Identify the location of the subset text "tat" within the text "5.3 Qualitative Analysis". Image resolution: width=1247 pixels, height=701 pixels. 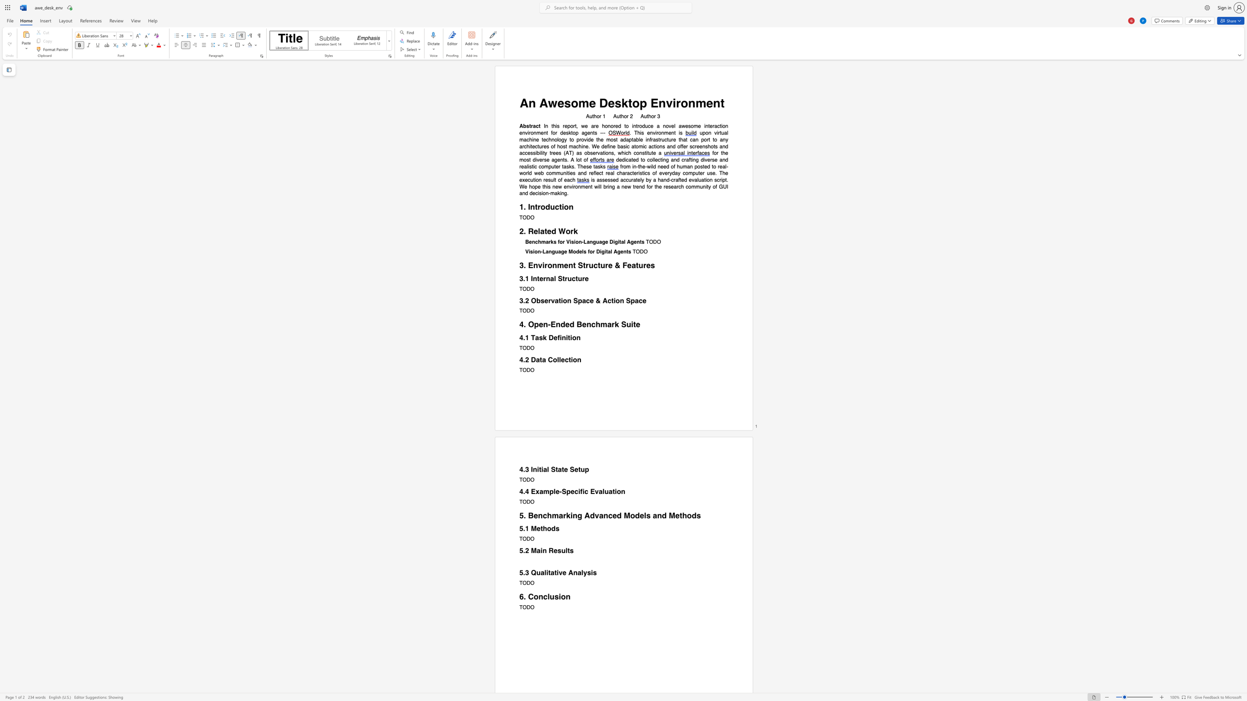
(548, 572).